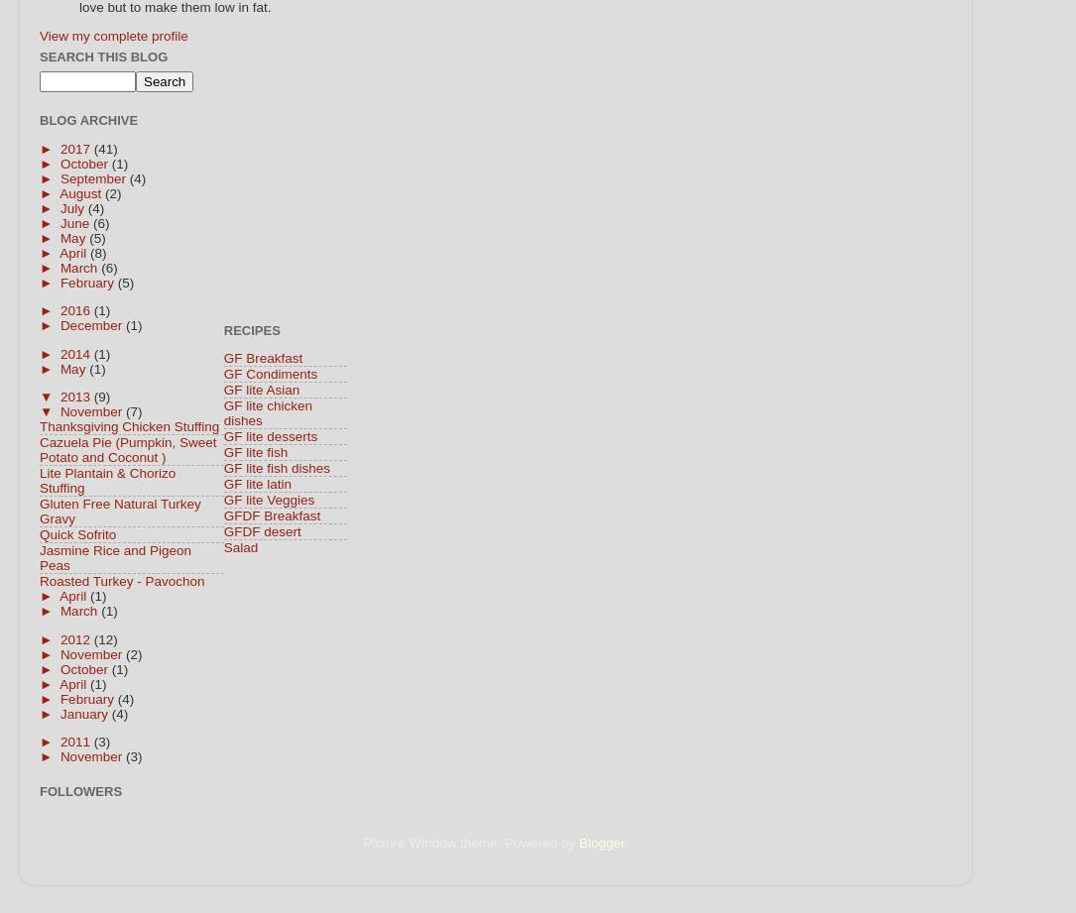 The height and width of the screenshot is (913, 1076). I want to click on 'GFDF desert', so click(223, 530).